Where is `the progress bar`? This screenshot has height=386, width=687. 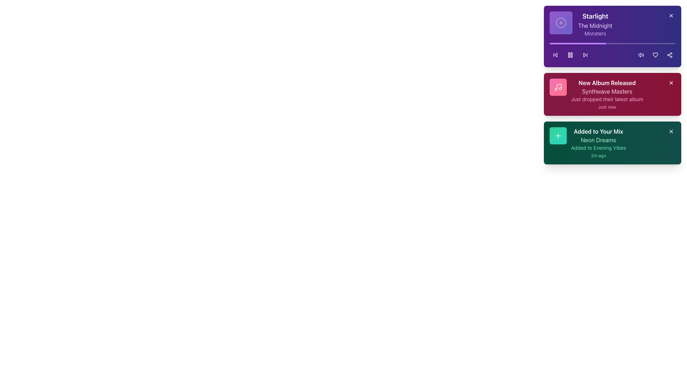 the progress bar is located at coordinates (600, 44).